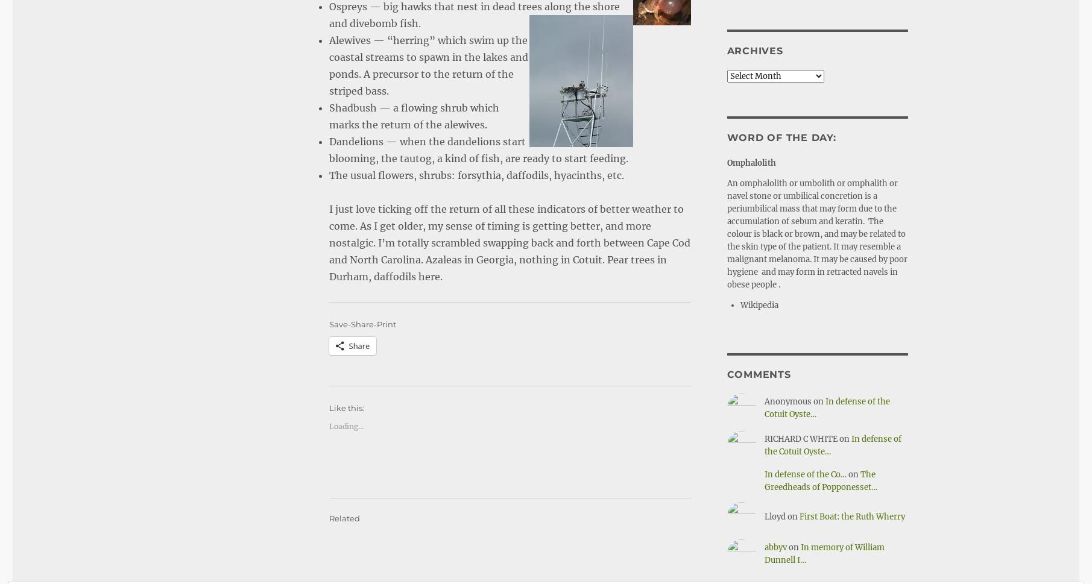  I want to click on 'RICHARD C WHITE on', so click(763, 439).